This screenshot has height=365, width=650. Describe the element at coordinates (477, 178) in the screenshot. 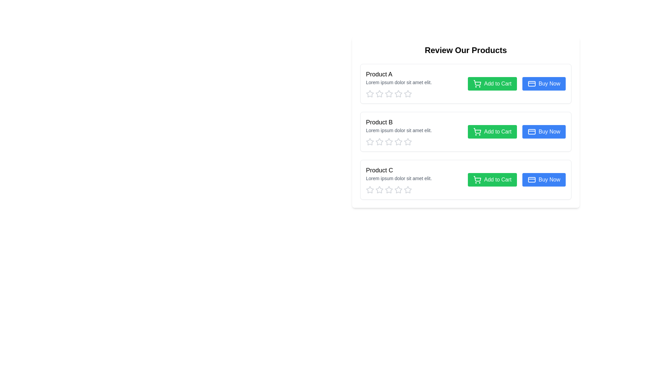

I see `the shopping cart icon located in the 'Add to Cart' button next to the 'Product C' description to interact with the button it is a part of` at that location.